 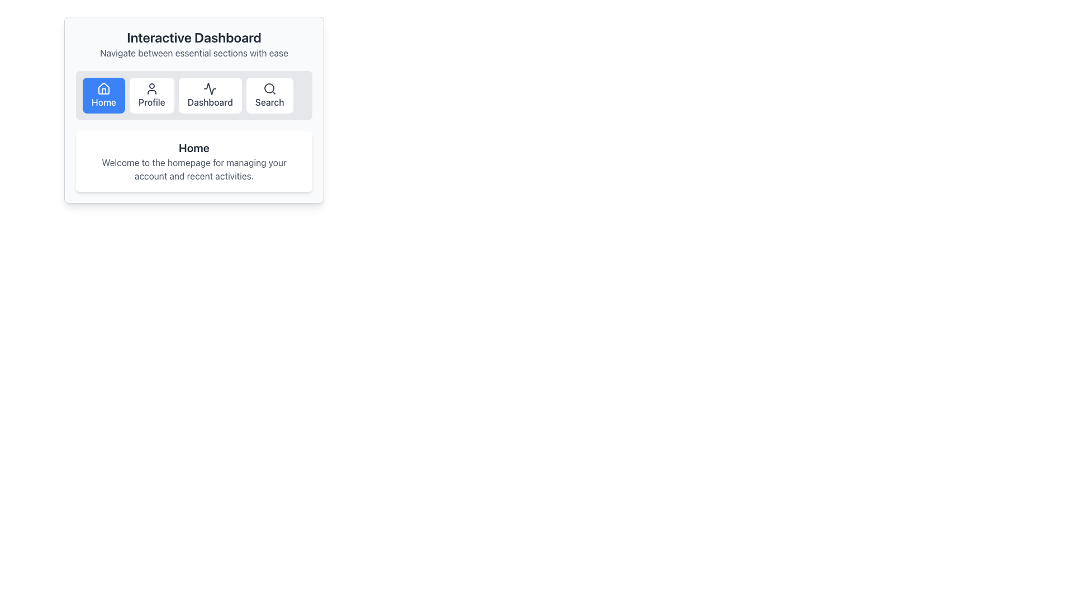 What do you see at coordinates (151, 102) in the screenshot?
I see `the 'Profile' text label, which is styled in bold and is part of the navigation bar` at bounding box center [151, 102].